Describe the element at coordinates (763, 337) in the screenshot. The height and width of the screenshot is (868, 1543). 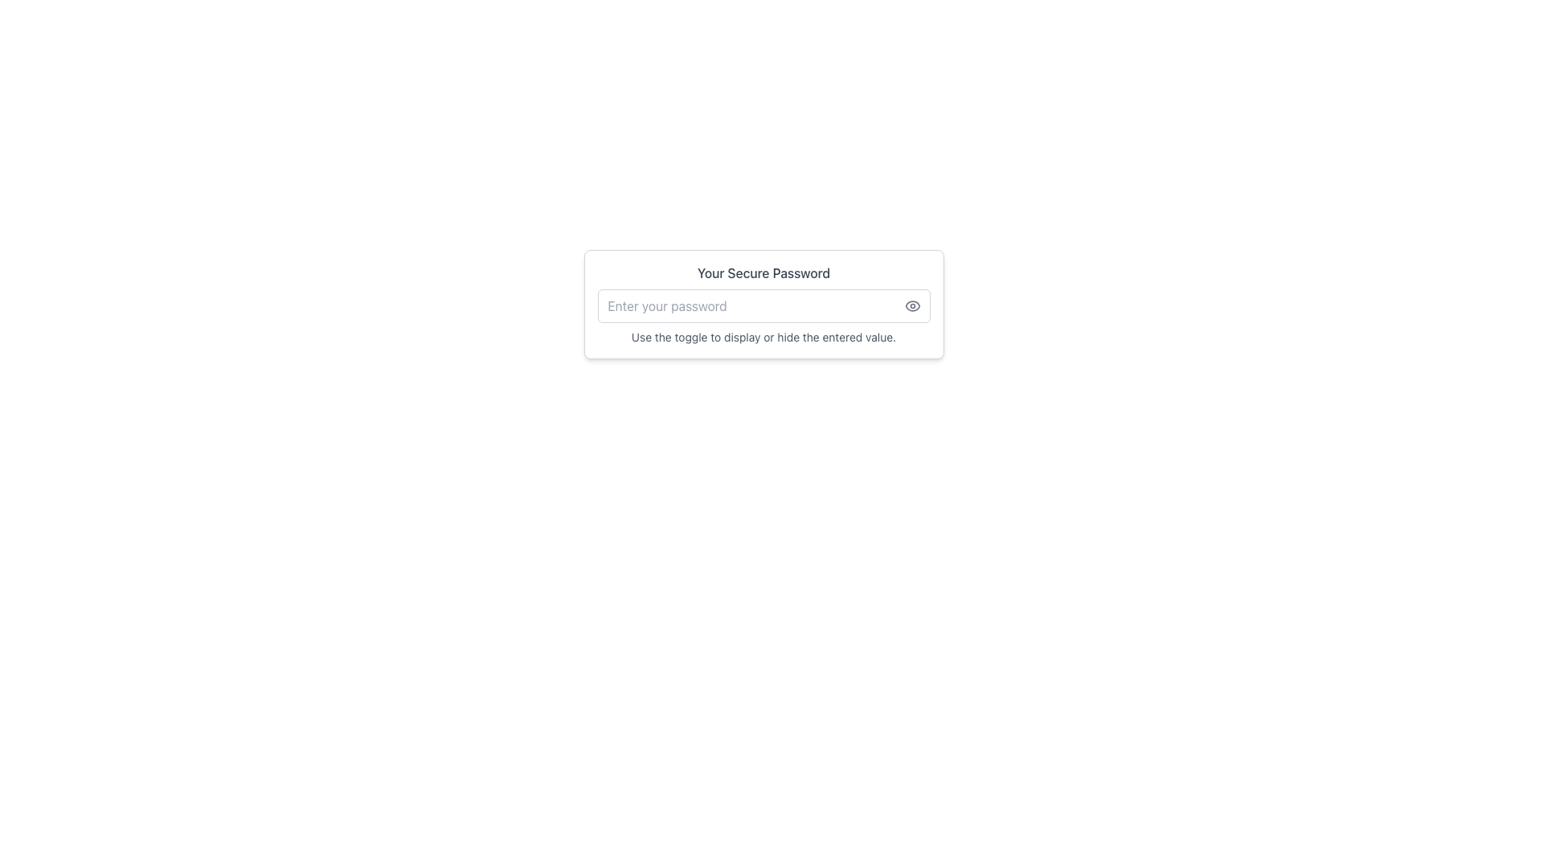
I see `the instructional text that provides guidance on using the toggle feature, positioned below the input field and toggle icon` at that location.